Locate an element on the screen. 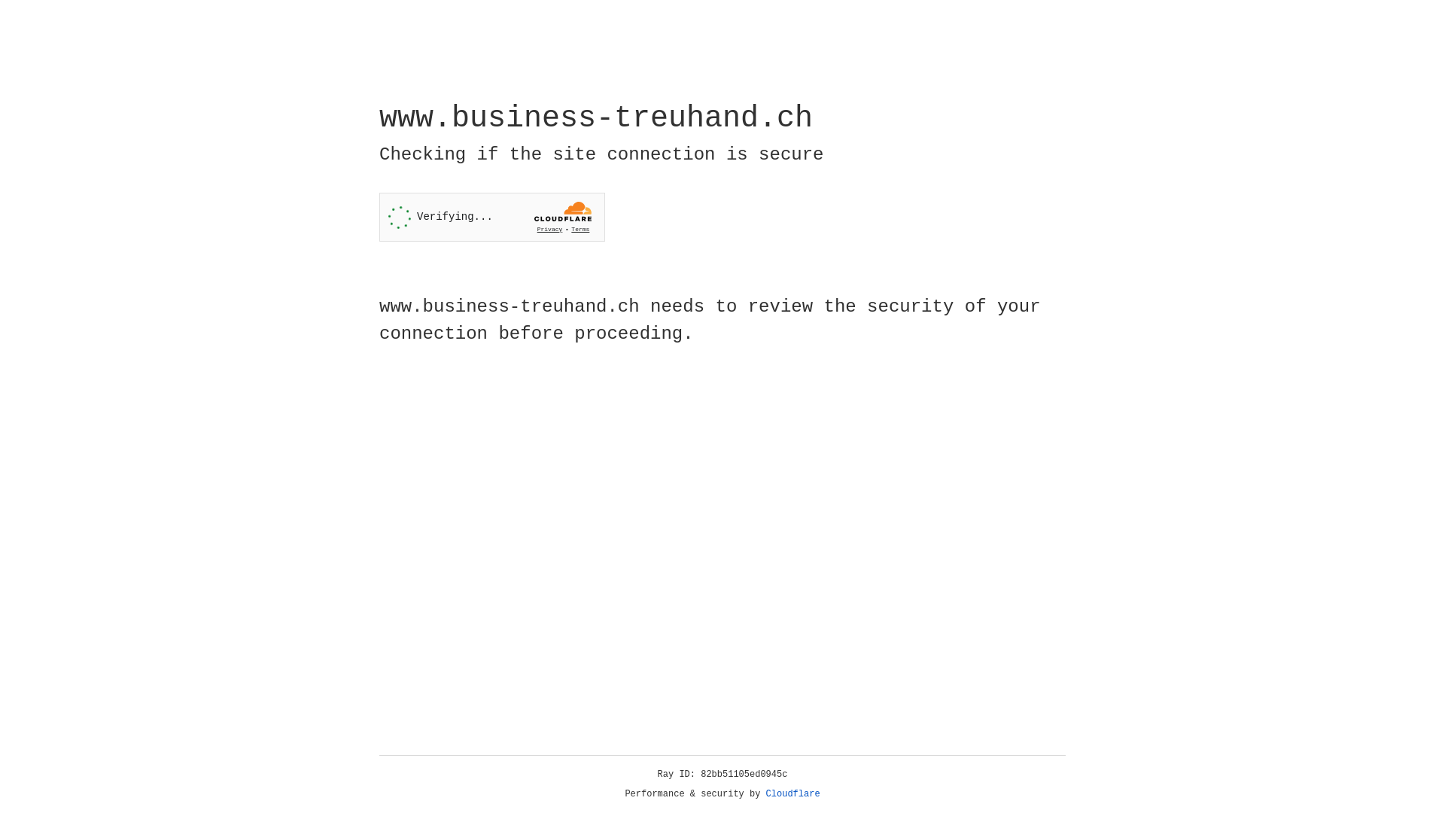 The height and width of the screenshot is (813, 1445). 'Widget containing a Cloudflare security challenge' is located at coordinates (491, 217).